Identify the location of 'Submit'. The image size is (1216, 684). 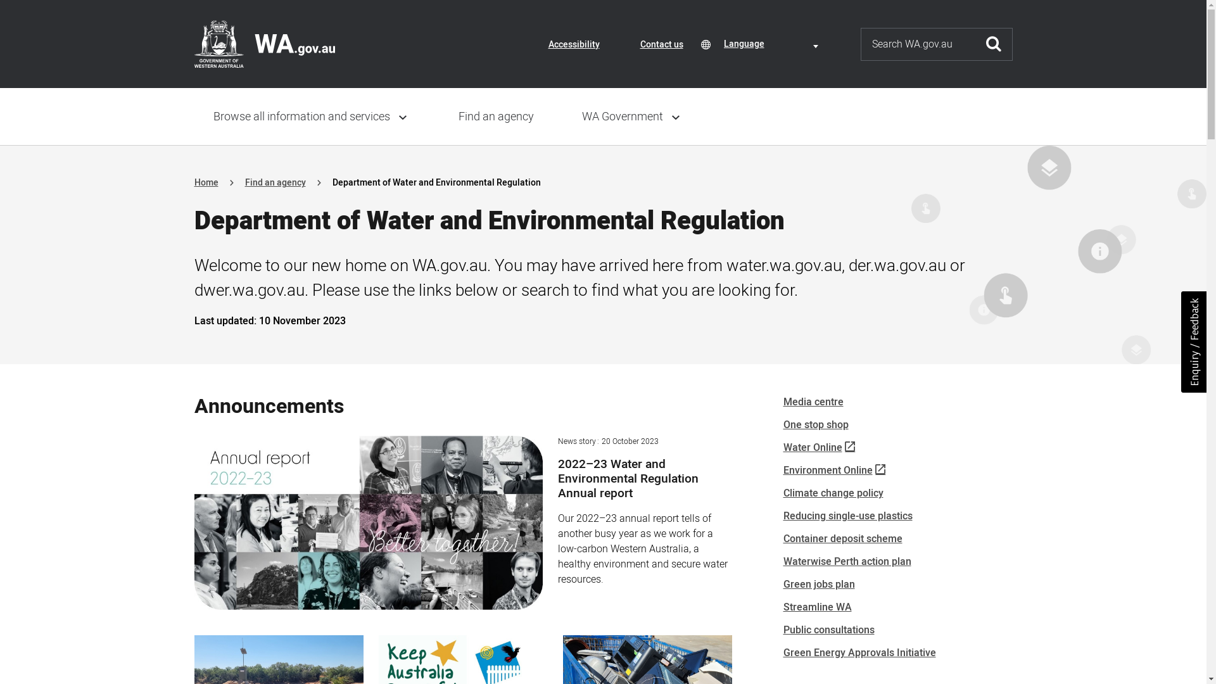
(975, 43).